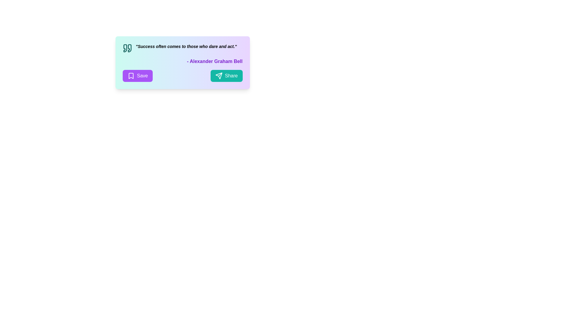 This screenshot has height=324, width=576. Describe the element at coordinates (129, 48) in the screenshot. I see `the teal-colored SVG icon resembling a quotation mark, which is the right icon in a set of two, located to the left of the text 'Success often comes to those who dare and act.'` at that location.